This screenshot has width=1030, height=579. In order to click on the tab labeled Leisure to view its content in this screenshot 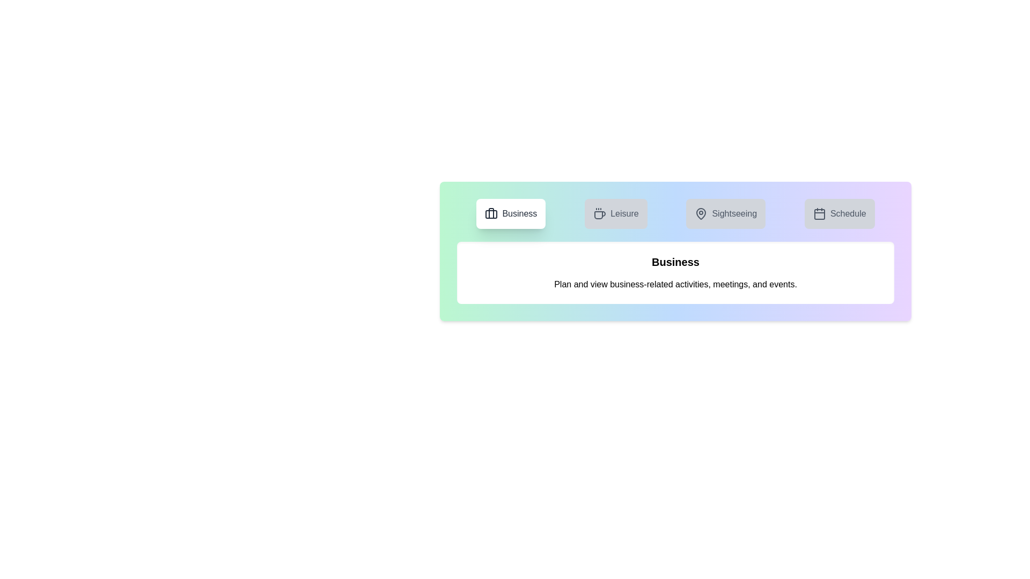, I will do `click(616, 213)`.